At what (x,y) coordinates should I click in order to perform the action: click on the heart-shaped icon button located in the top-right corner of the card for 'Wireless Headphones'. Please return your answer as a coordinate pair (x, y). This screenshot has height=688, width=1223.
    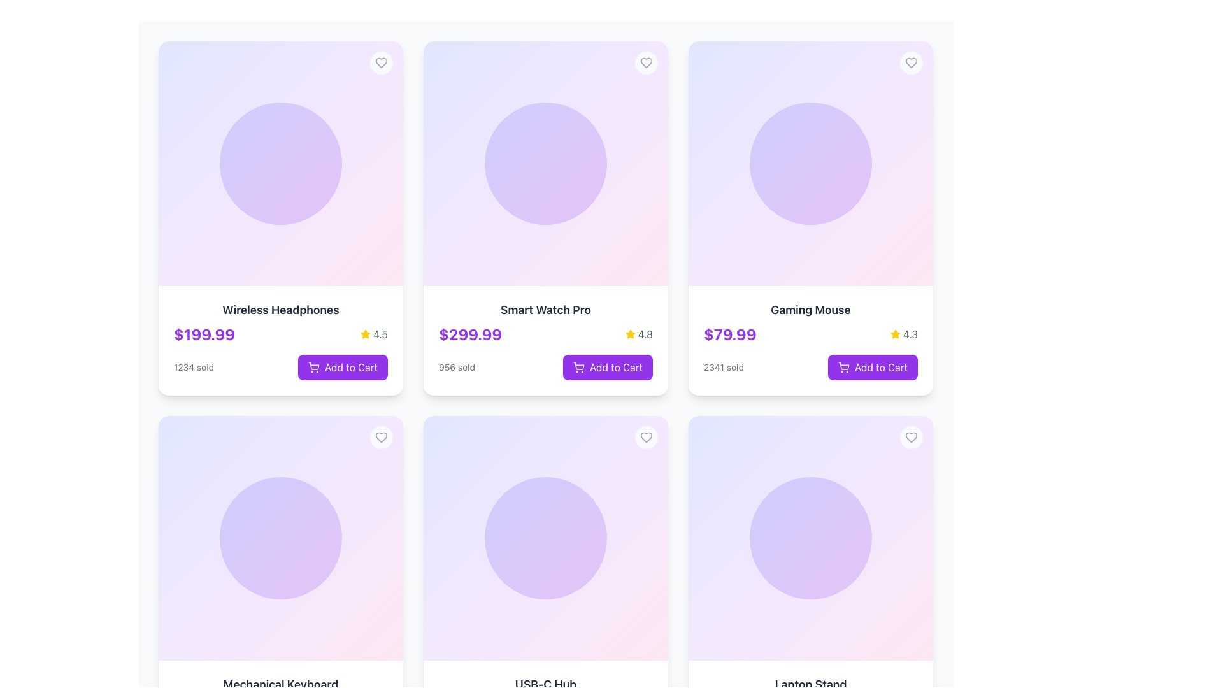
    Looking at the image, I should click on (381, 63).